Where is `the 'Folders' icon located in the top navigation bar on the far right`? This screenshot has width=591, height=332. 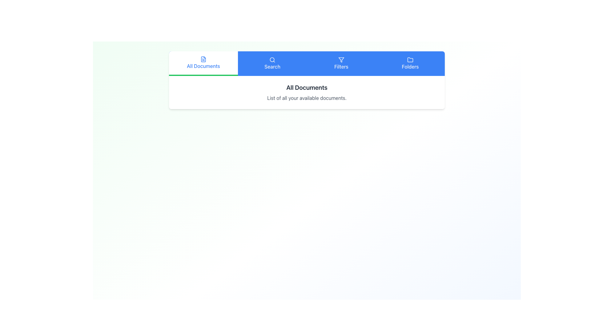 the 'Folders' icon located in the top navigation bar on the far right is located at coordinates (410, 59).